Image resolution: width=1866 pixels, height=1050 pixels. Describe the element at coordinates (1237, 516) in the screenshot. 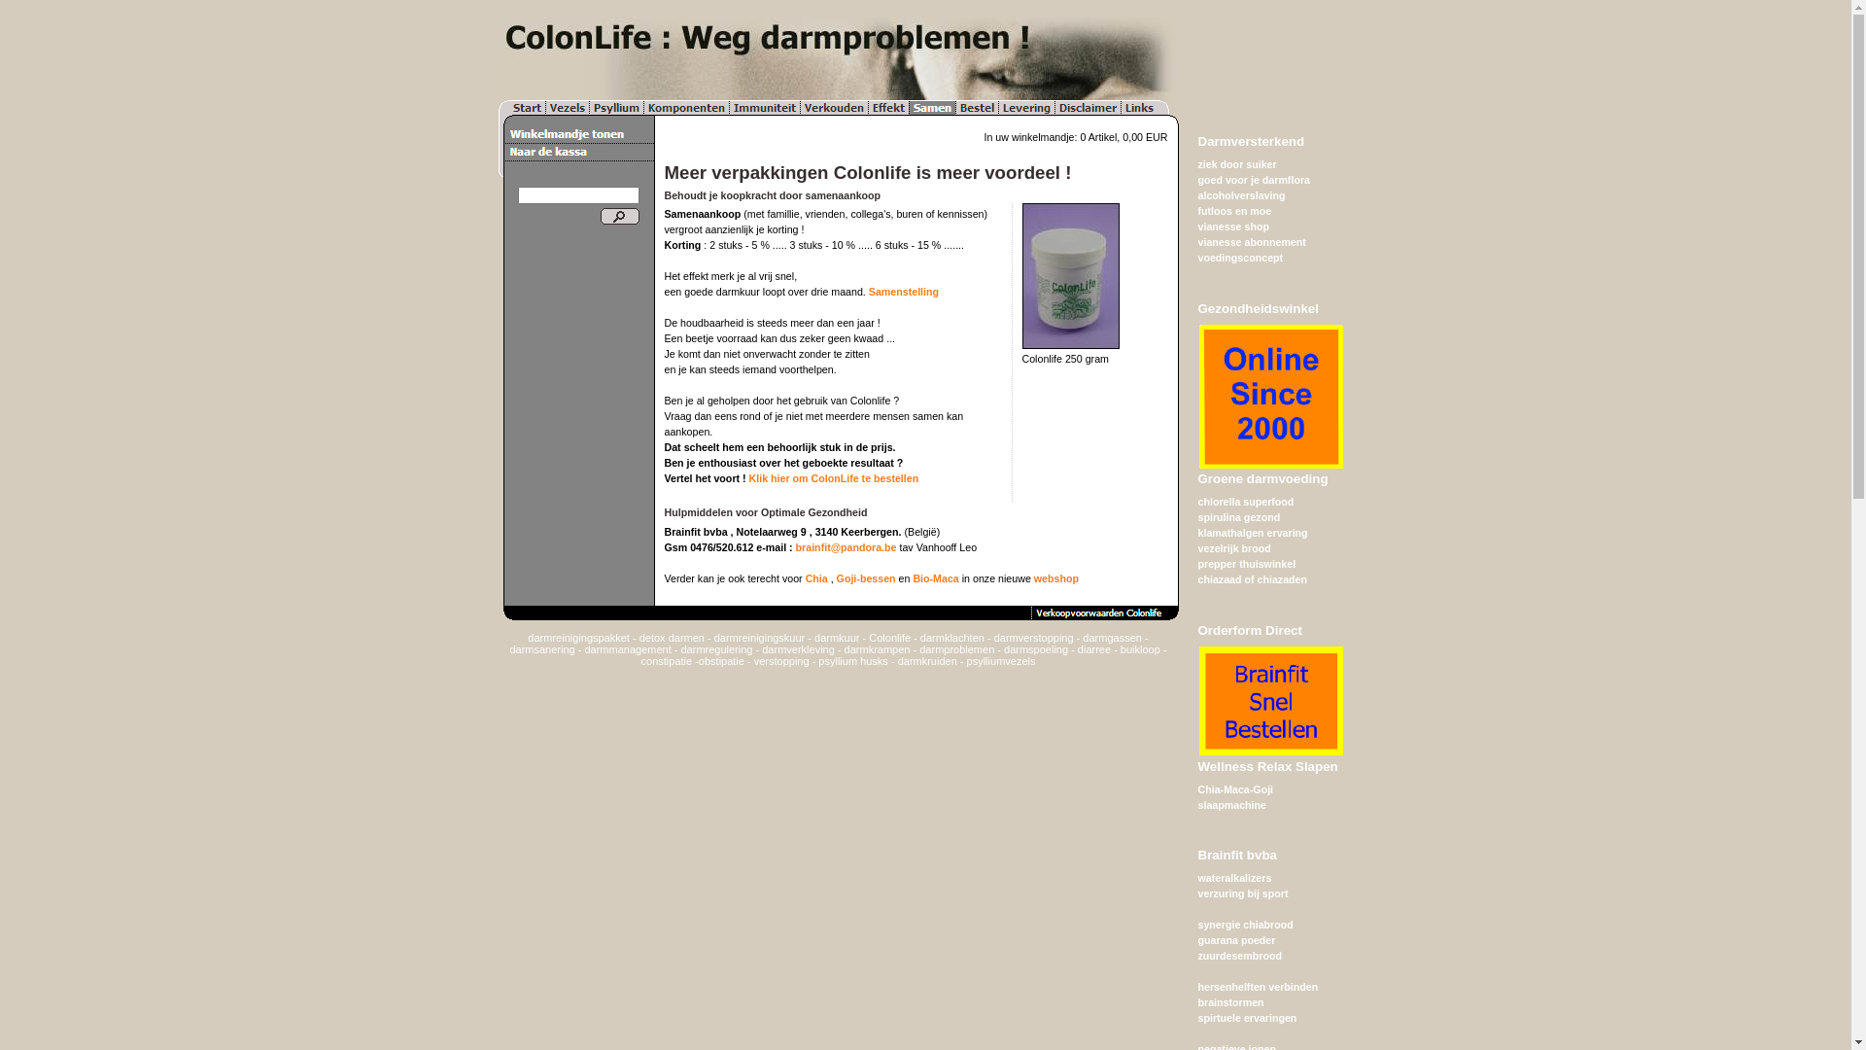

I see `'spirulina gezond'` at that location.